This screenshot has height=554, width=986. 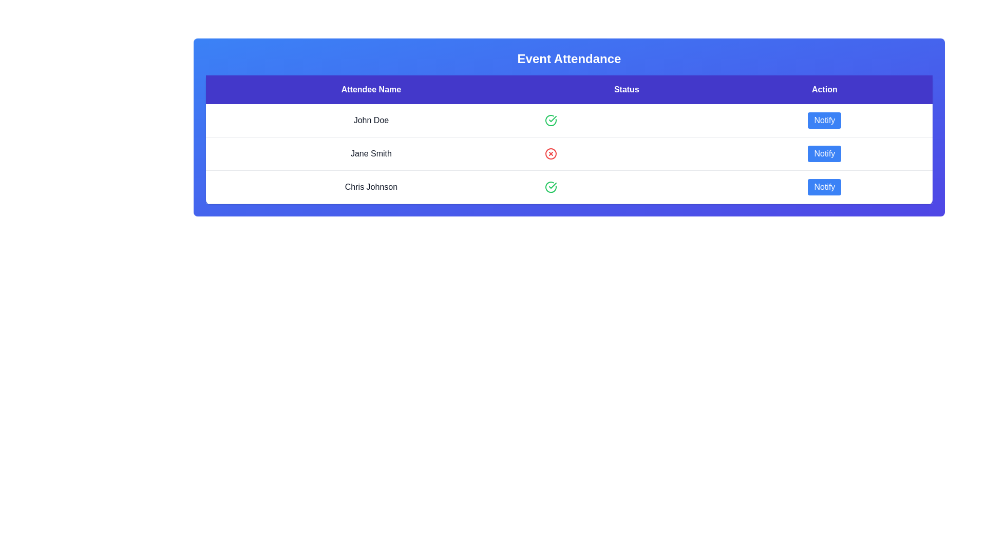 What do you see at coordinates (370, 187) in the screenshot?
I see `the attendee's name Chris Johnson to highlight it` at bounding box center [370, 187].